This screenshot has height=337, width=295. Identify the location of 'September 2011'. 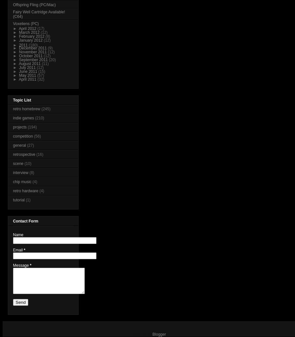
(19, 60).